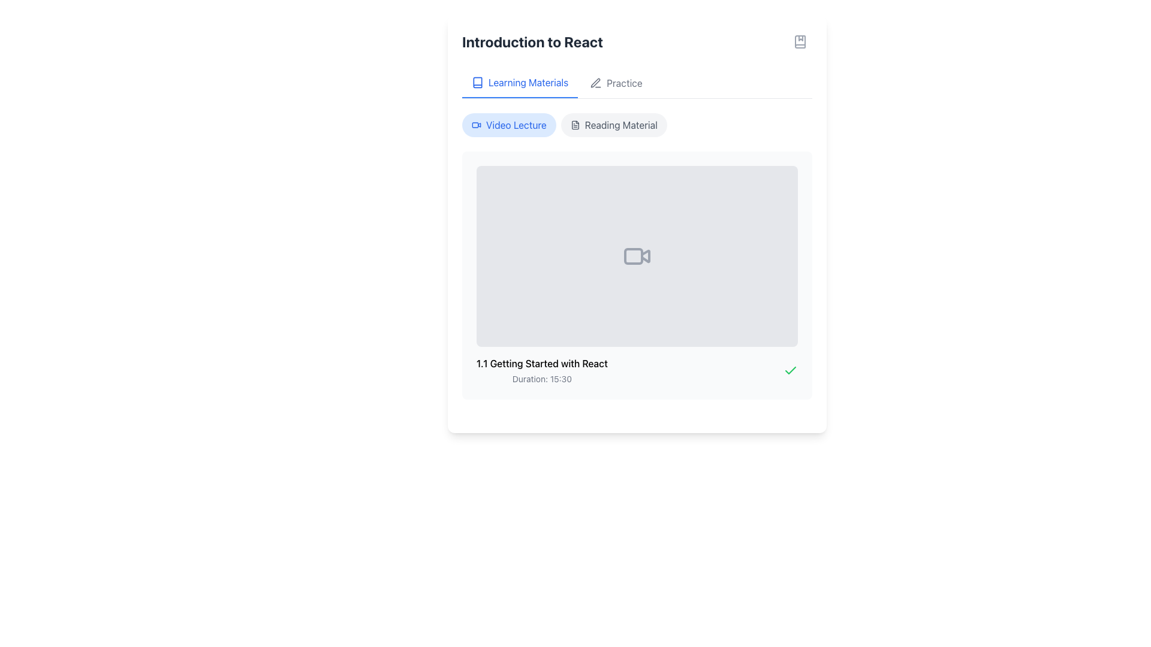 This screenshot has width=1151, height=647. Describe the element at coordinates (800, 41) in the screenshot. I see `the gray bookmarked book icon located in the top-right corner of the main content card interface` at that location.